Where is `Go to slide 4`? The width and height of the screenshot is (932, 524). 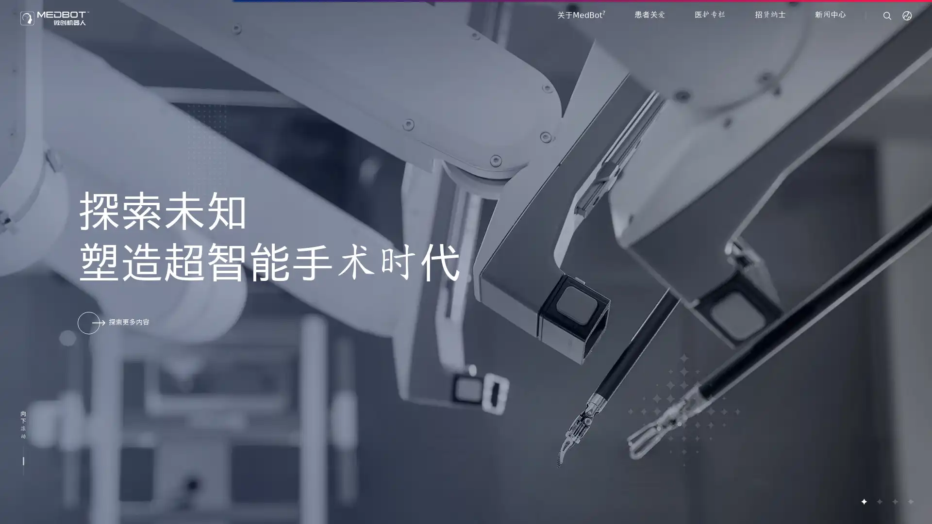
Go to slide 4 is located at coordinates (910, 501).